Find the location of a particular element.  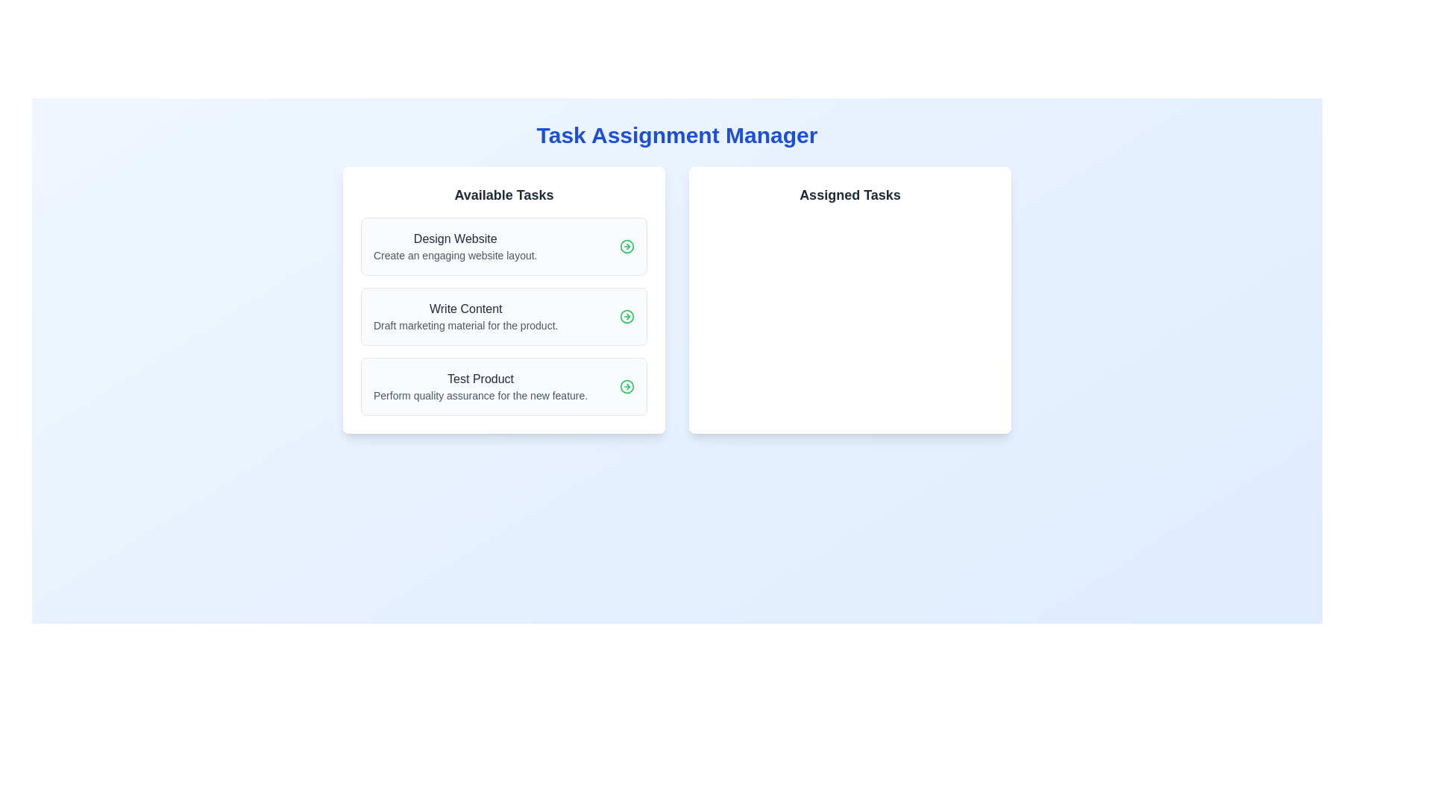

the 'Assigned Tasks' card, which is a white rectangular card with rounded corners located in the right half of the grid layout is located at coordinates (850, 300).